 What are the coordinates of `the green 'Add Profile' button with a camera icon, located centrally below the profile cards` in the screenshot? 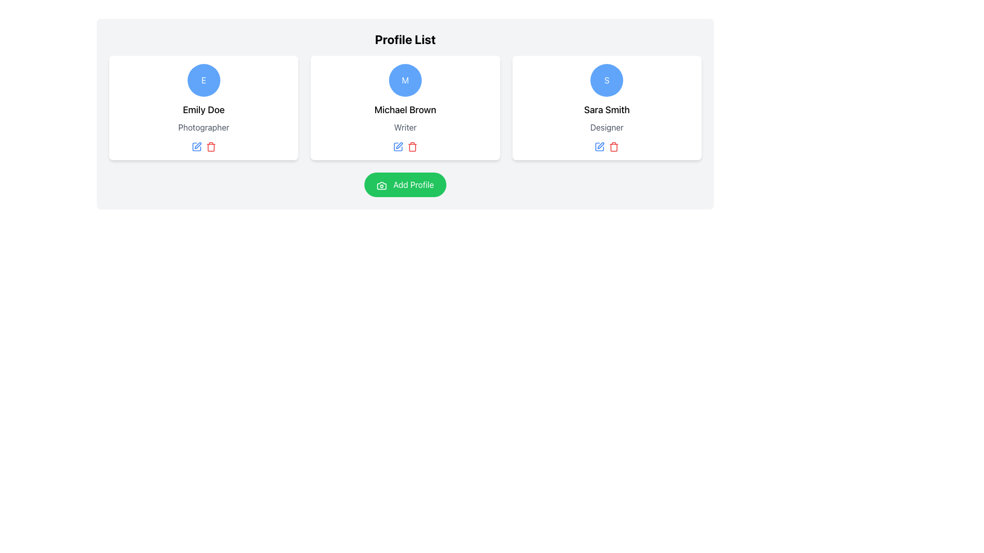 It's located at (405, 185).